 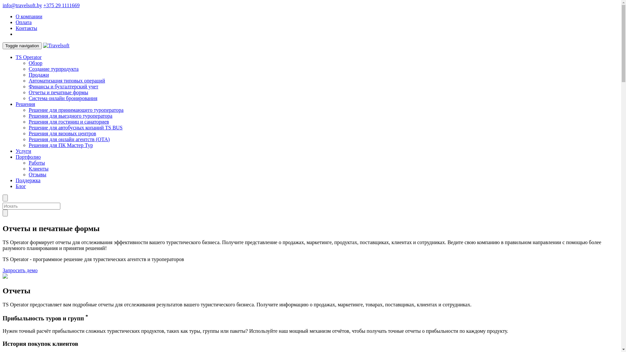 What do you see at coordinates (28, 57) in the screenshot?
I see `'TS Operator'` at bounding box center [28, 57].